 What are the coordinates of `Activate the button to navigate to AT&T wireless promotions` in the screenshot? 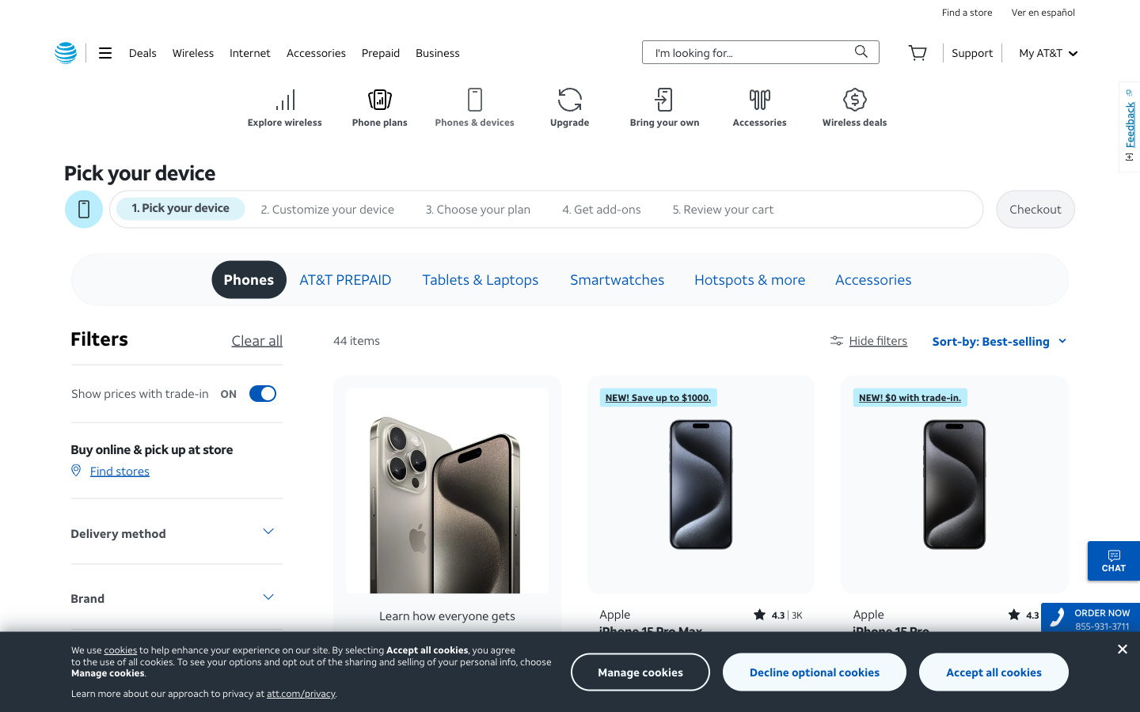 It's located at (855, 108).